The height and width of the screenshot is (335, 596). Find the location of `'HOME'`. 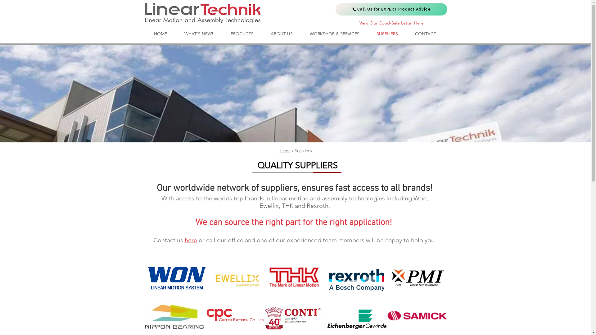

'HOME' is located at coordinates (160, 34).